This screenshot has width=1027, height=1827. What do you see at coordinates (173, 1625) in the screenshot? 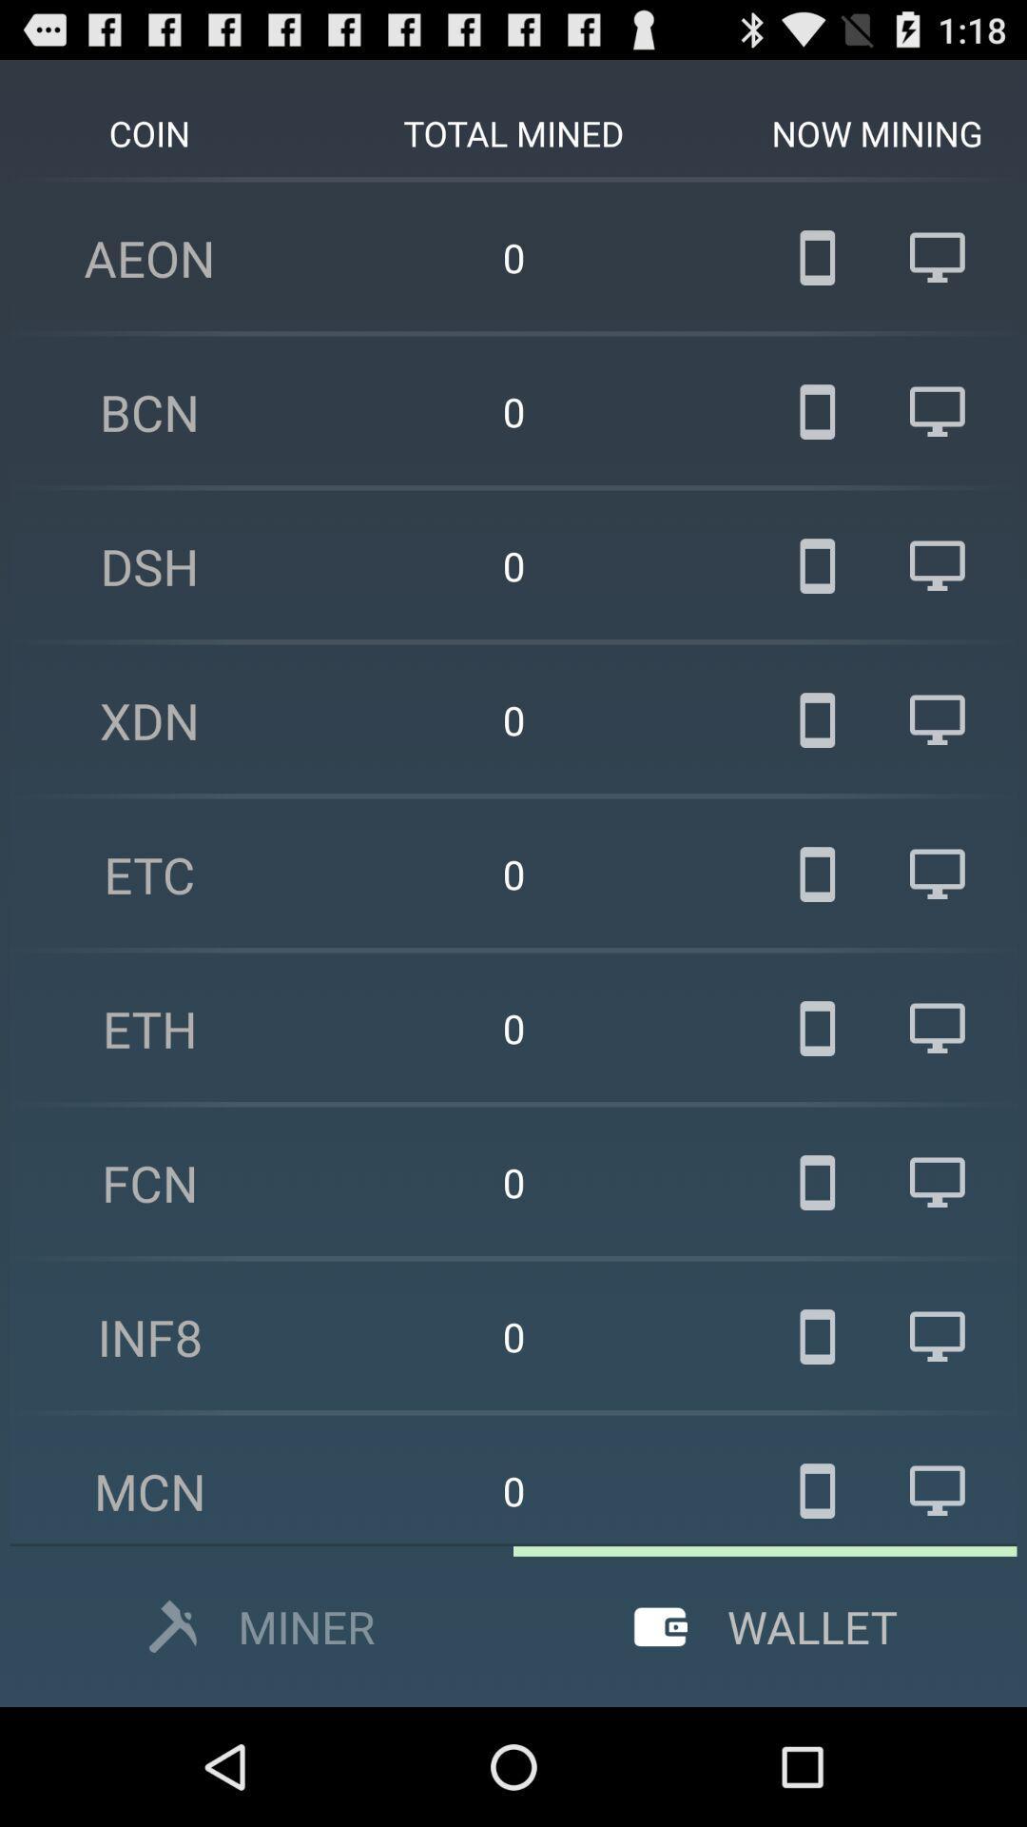
I see `the icon of miner at bottom left corner` at bounding box center [173, 1625].